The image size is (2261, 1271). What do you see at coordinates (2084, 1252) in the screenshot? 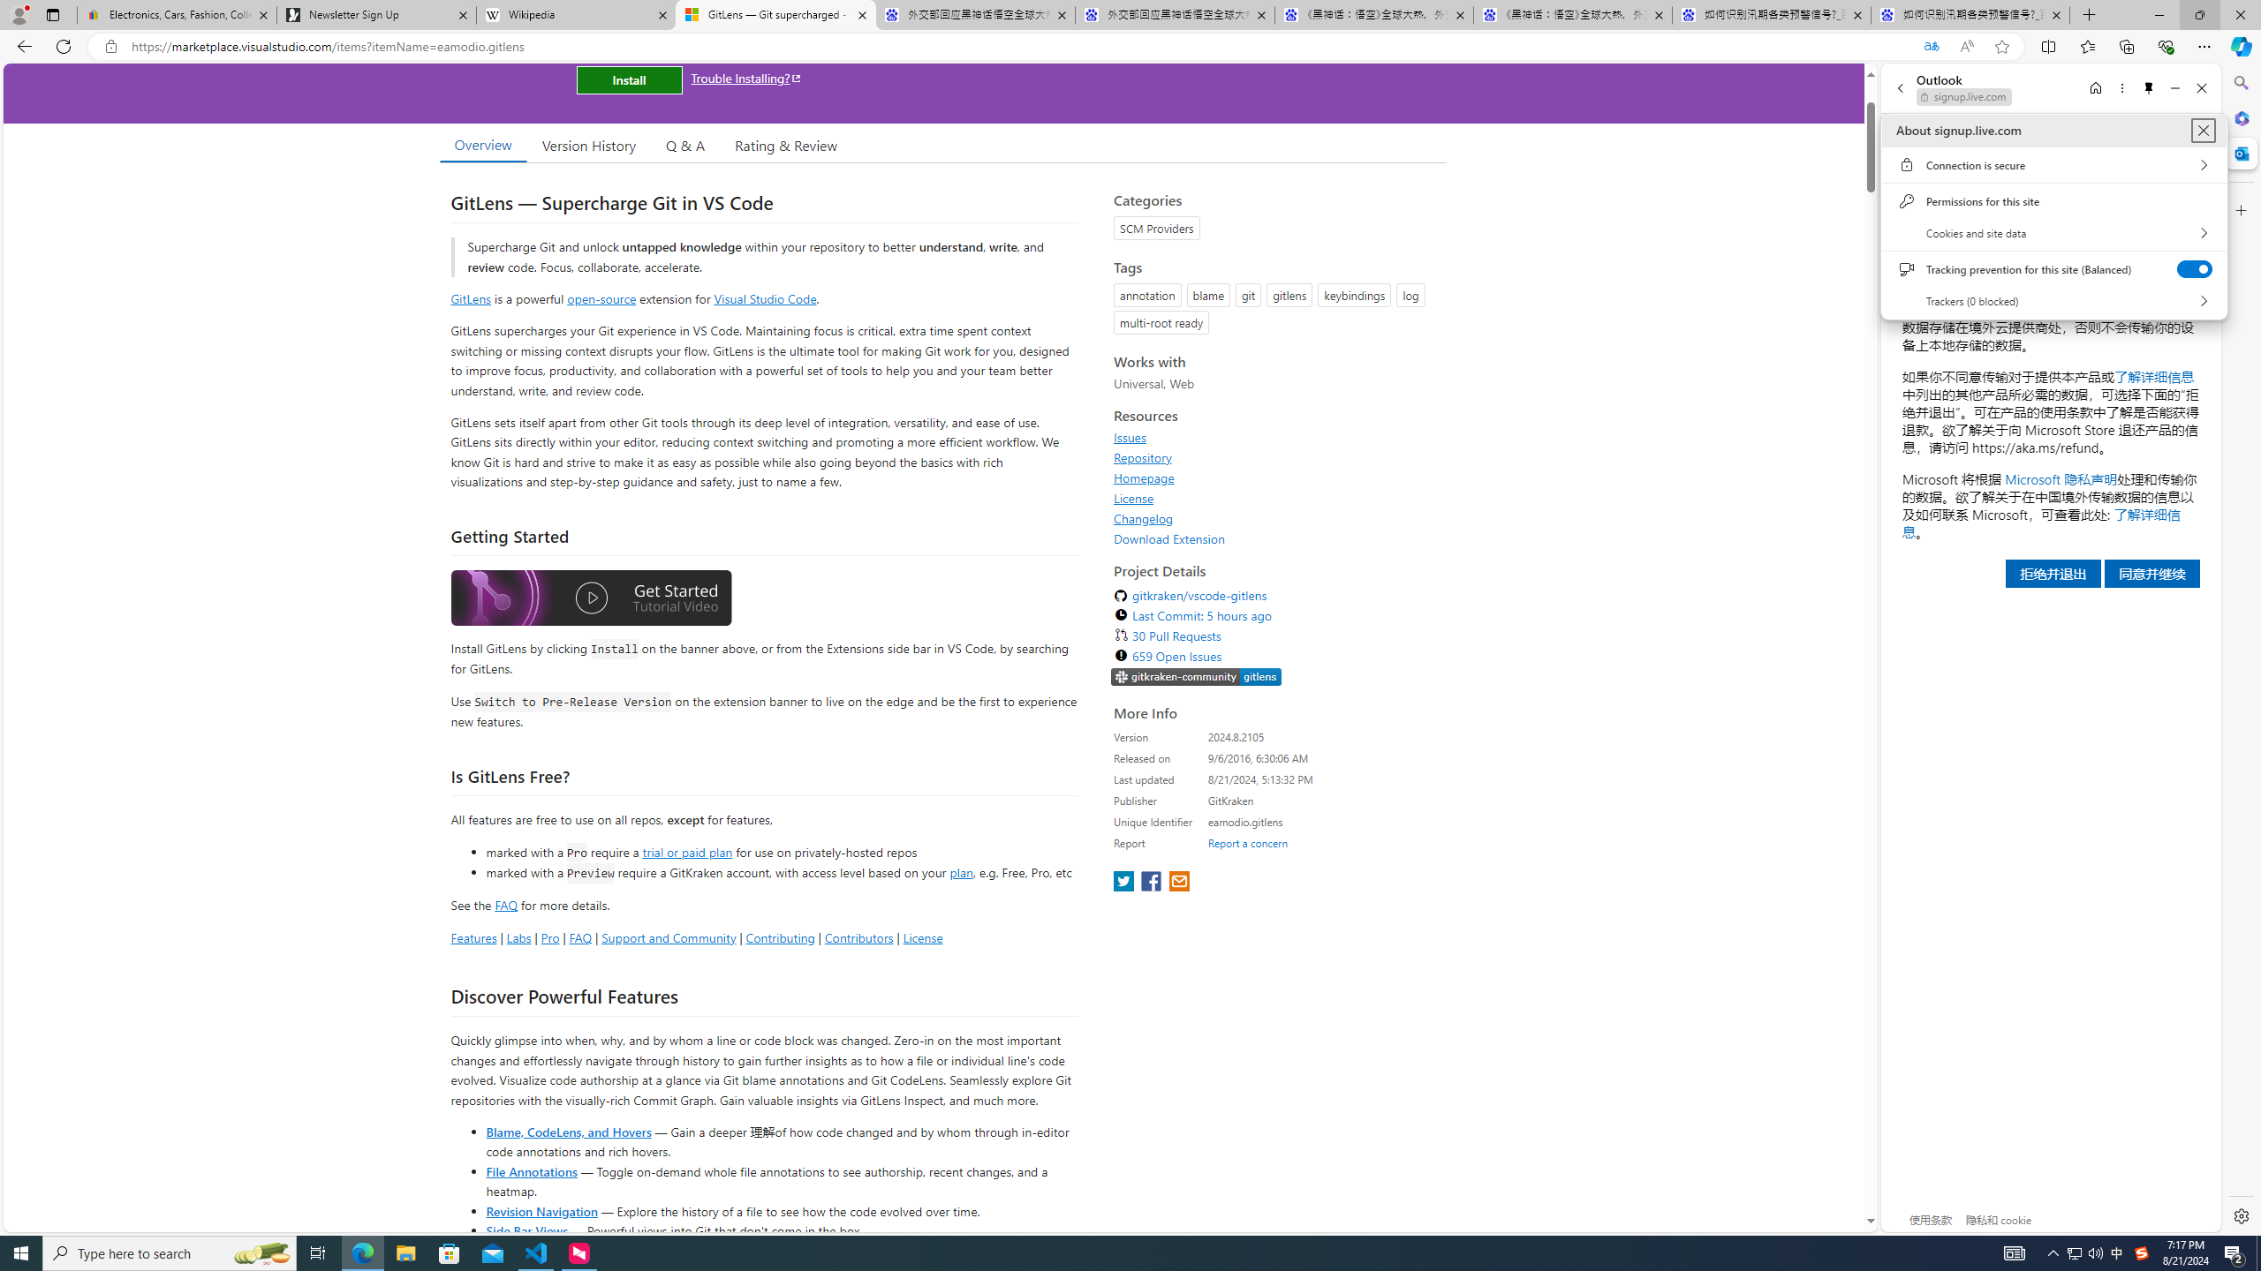
I see `'User Promoted Notification Area'` at bounding box center [2084, 1252].